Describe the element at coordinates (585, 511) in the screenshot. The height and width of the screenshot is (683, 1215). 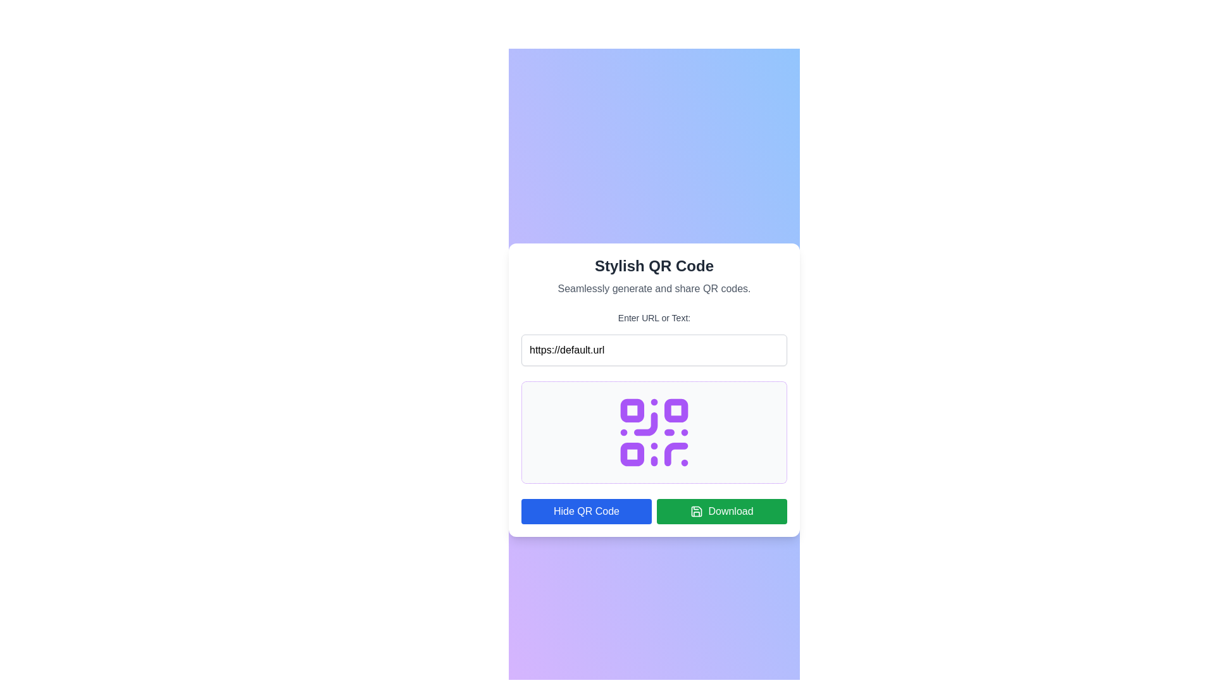
I see `the first button located below the QR code display area, positioned towards the left in a two-button layout` at that location.